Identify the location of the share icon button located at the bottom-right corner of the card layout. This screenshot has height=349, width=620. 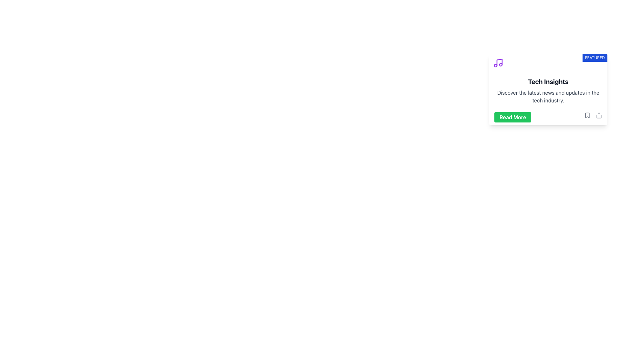
(598, 115).